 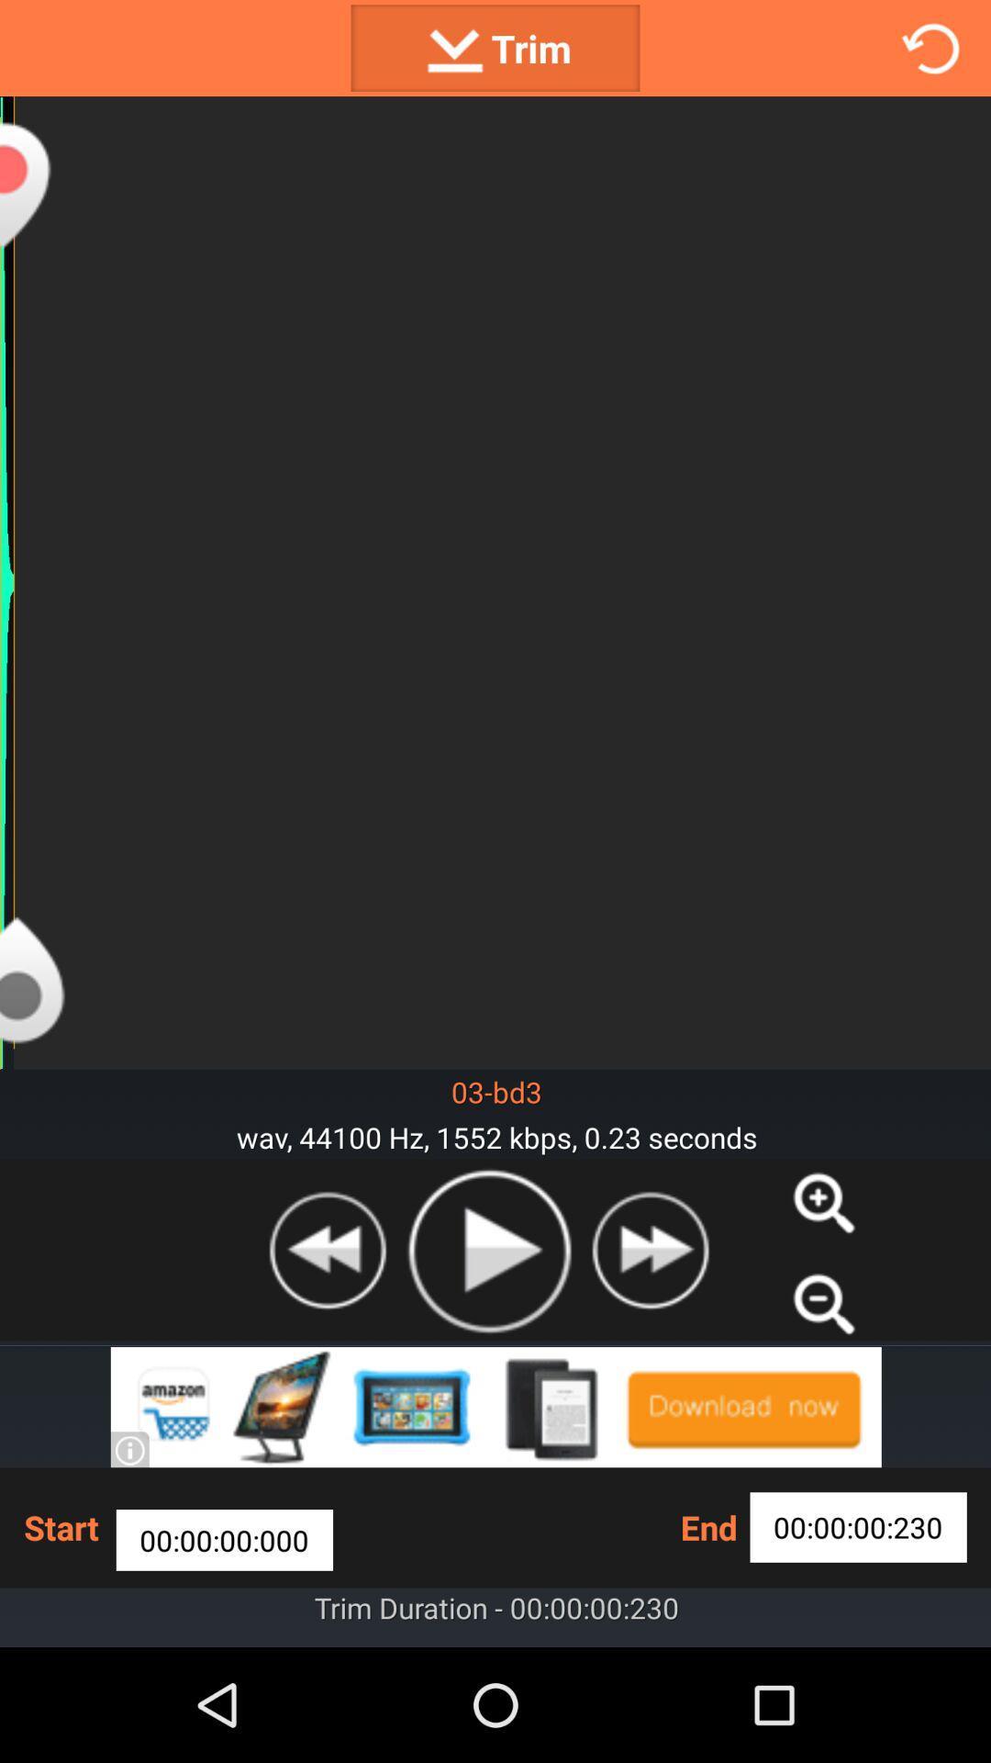 What do you see at coordinates (930, 51) in the screenshot?
I see `the refresh icon` at bounding box center [930, 51].